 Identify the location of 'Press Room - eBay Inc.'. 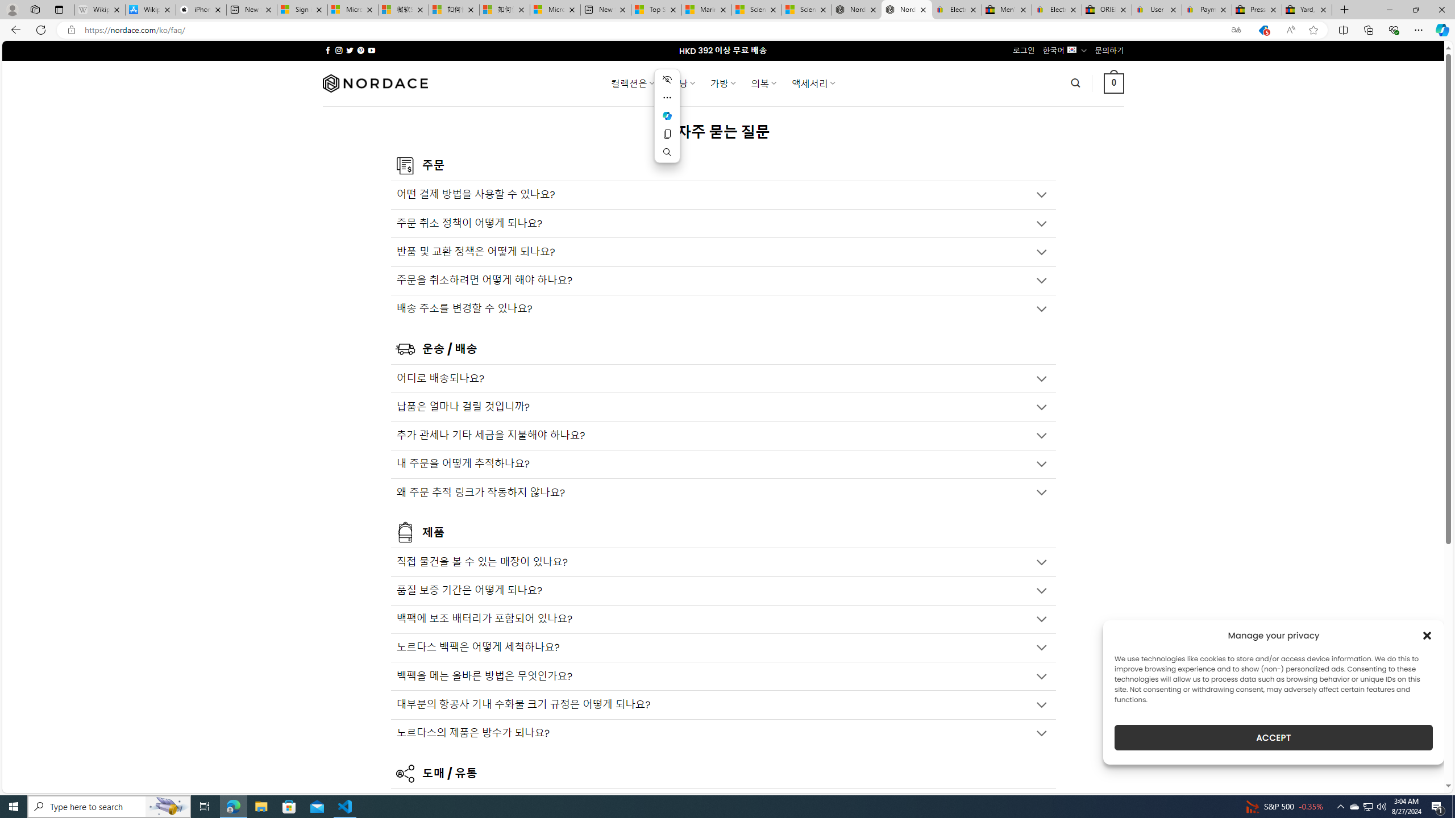
(1256, 9).